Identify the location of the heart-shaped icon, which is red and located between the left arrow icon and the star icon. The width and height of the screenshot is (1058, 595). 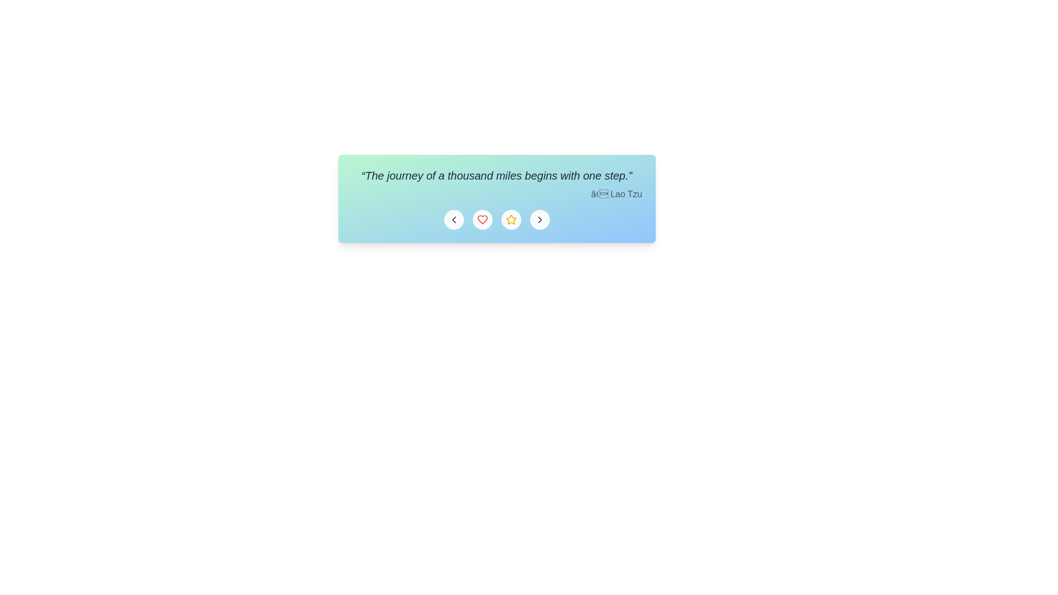
(482, 219).